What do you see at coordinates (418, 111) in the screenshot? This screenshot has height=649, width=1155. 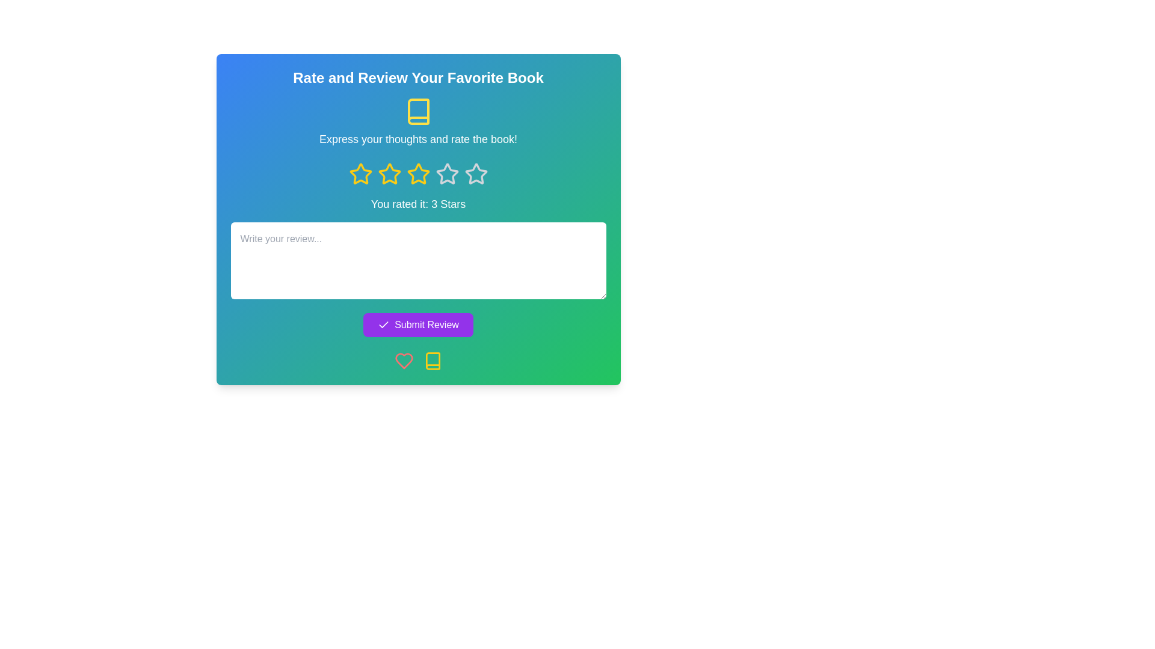 I see `the SVG icon of a book with rounded edges, filled with a yellow outline on a blue background, located centrally above the text prompt 'Express your thoughts and rate the book!'` at bounding box center [418, 111].